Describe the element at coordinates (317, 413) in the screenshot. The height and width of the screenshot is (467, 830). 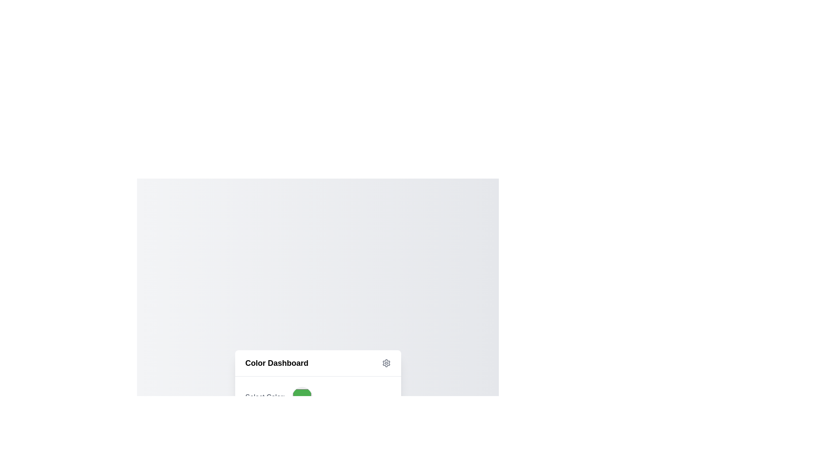
I see `the current color information in the Informational Panel titled 'Select Color:' which displays the current color and a green color swatch` at that location.